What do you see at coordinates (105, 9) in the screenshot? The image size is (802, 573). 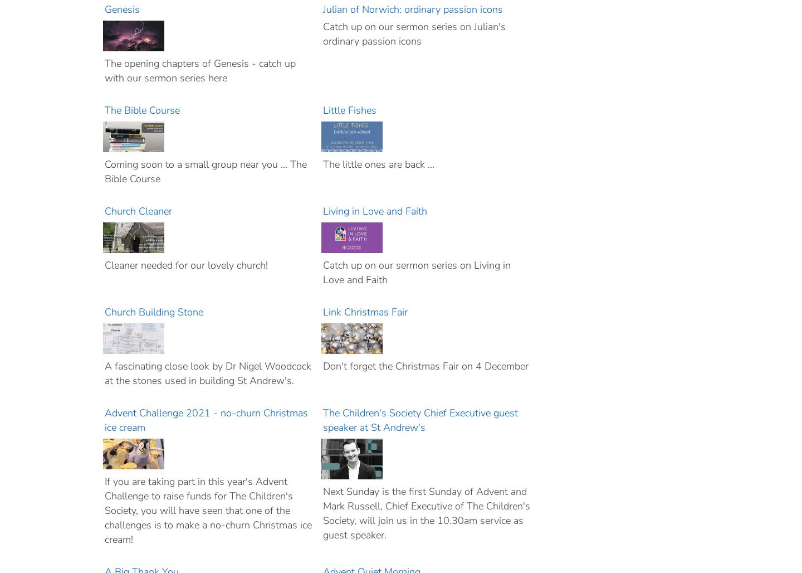 I see `'Genesis'` at bounding box center [105, 9].